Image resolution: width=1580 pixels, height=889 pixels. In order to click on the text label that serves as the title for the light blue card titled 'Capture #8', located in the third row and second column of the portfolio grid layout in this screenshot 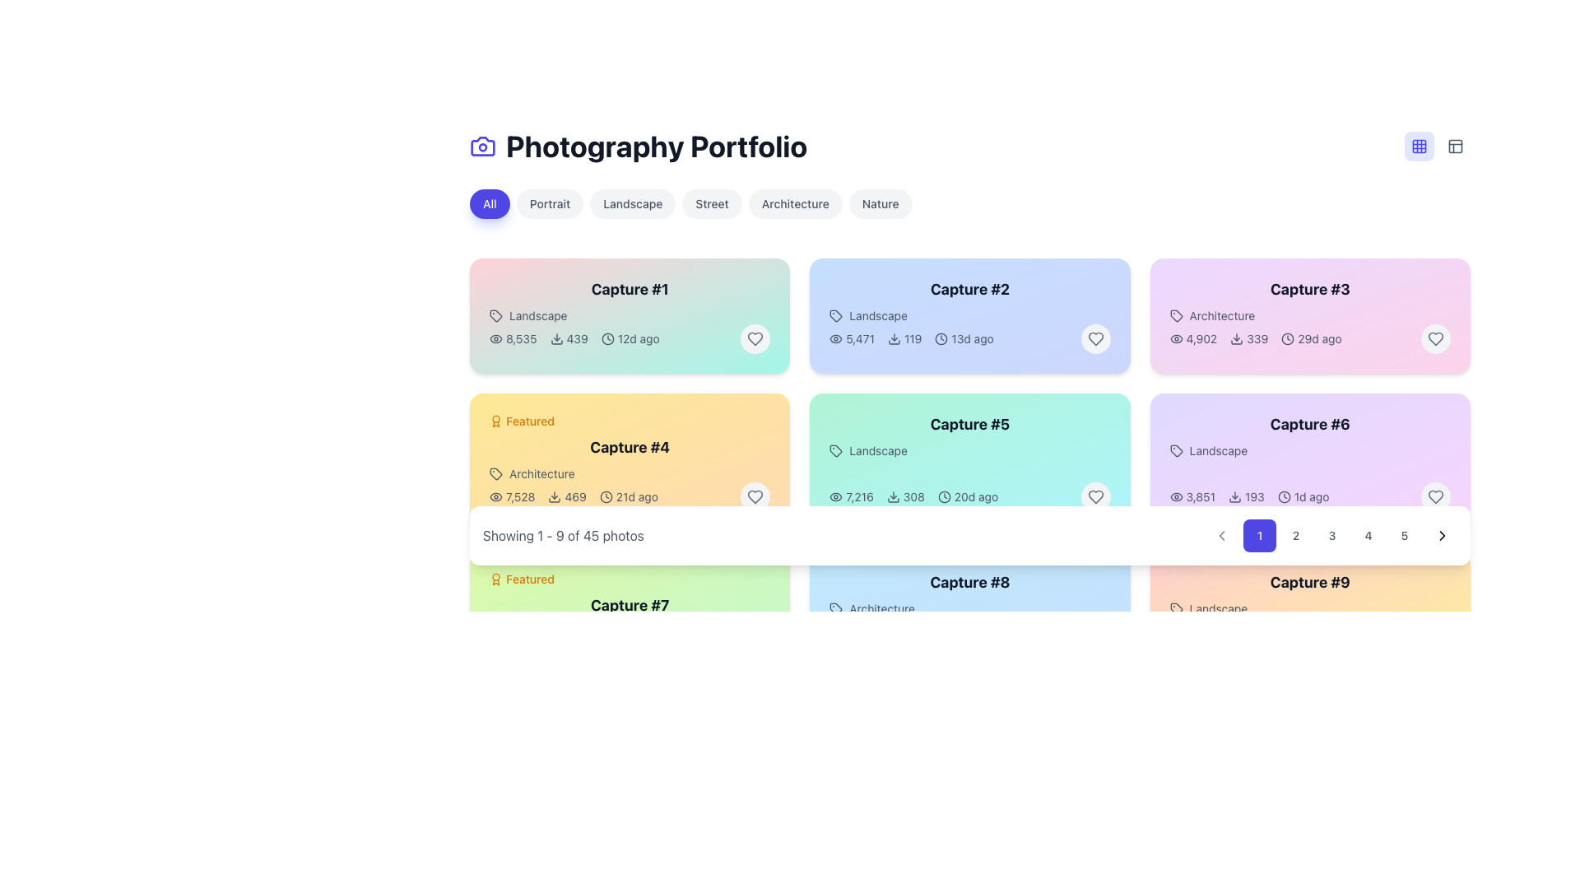, I will do `click(970, 593)`.